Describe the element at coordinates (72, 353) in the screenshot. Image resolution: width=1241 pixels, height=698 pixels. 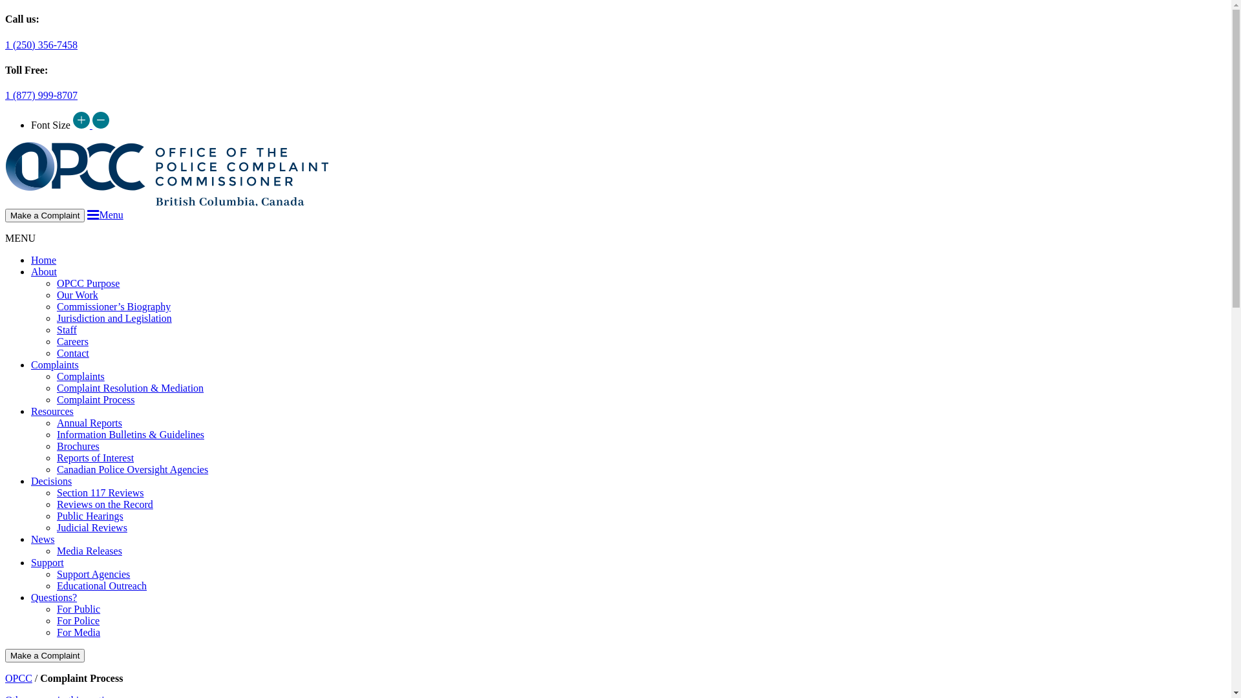
I see `'Contact'` at that location.